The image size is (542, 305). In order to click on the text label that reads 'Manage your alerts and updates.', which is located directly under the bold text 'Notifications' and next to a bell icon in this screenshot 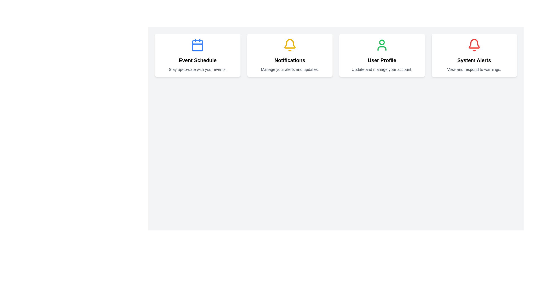, I will do `click(290, 69)`.